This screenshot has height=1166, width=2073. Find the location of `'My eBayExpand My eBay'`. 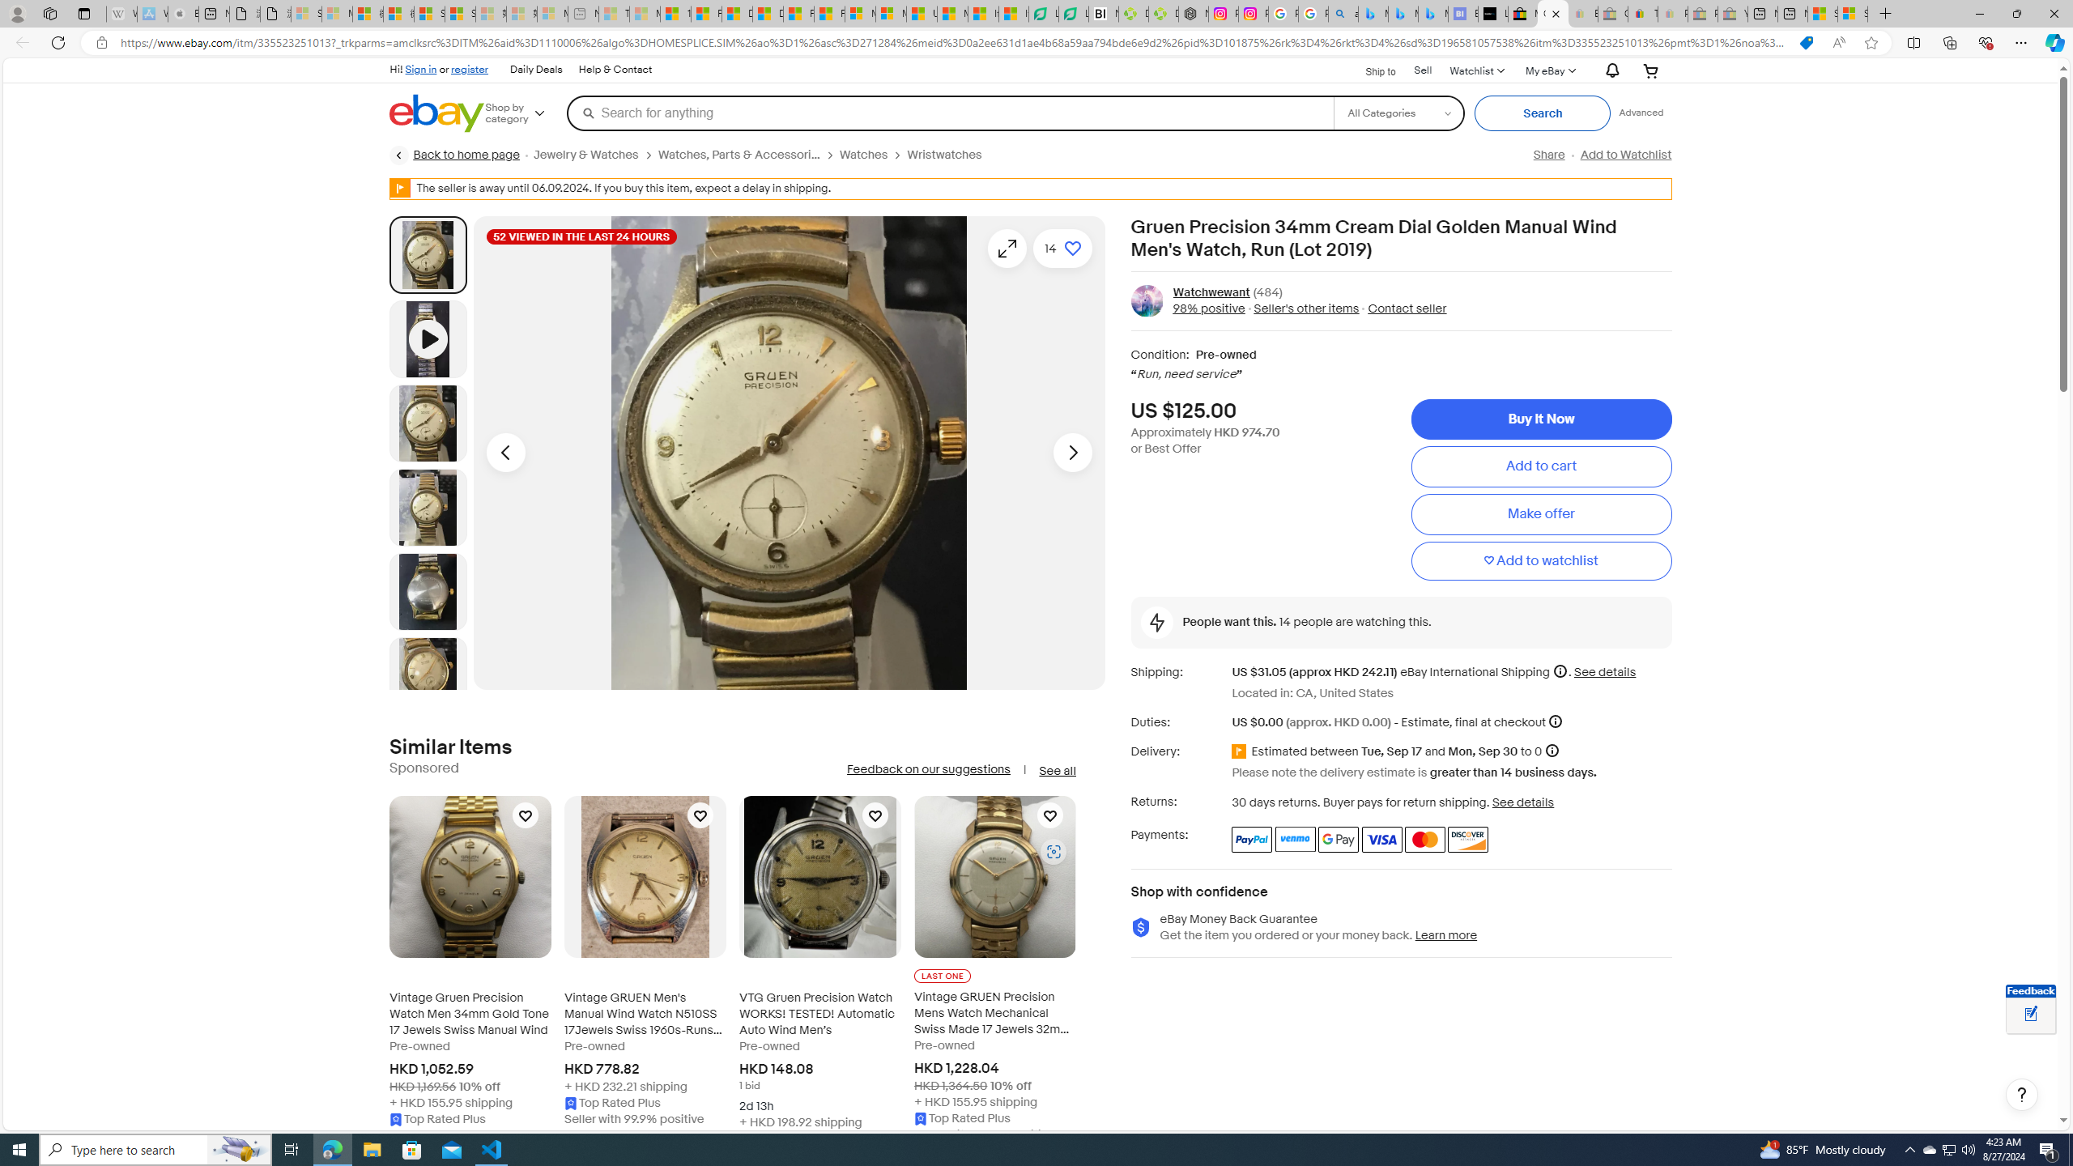

'My eBayExpand My eBay' is located at coordinates (1548, 70).